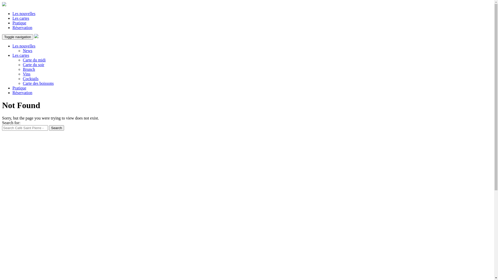  Describe the element at coordinates (56, 128) in the screenshot. I see `'Search'` at that location.